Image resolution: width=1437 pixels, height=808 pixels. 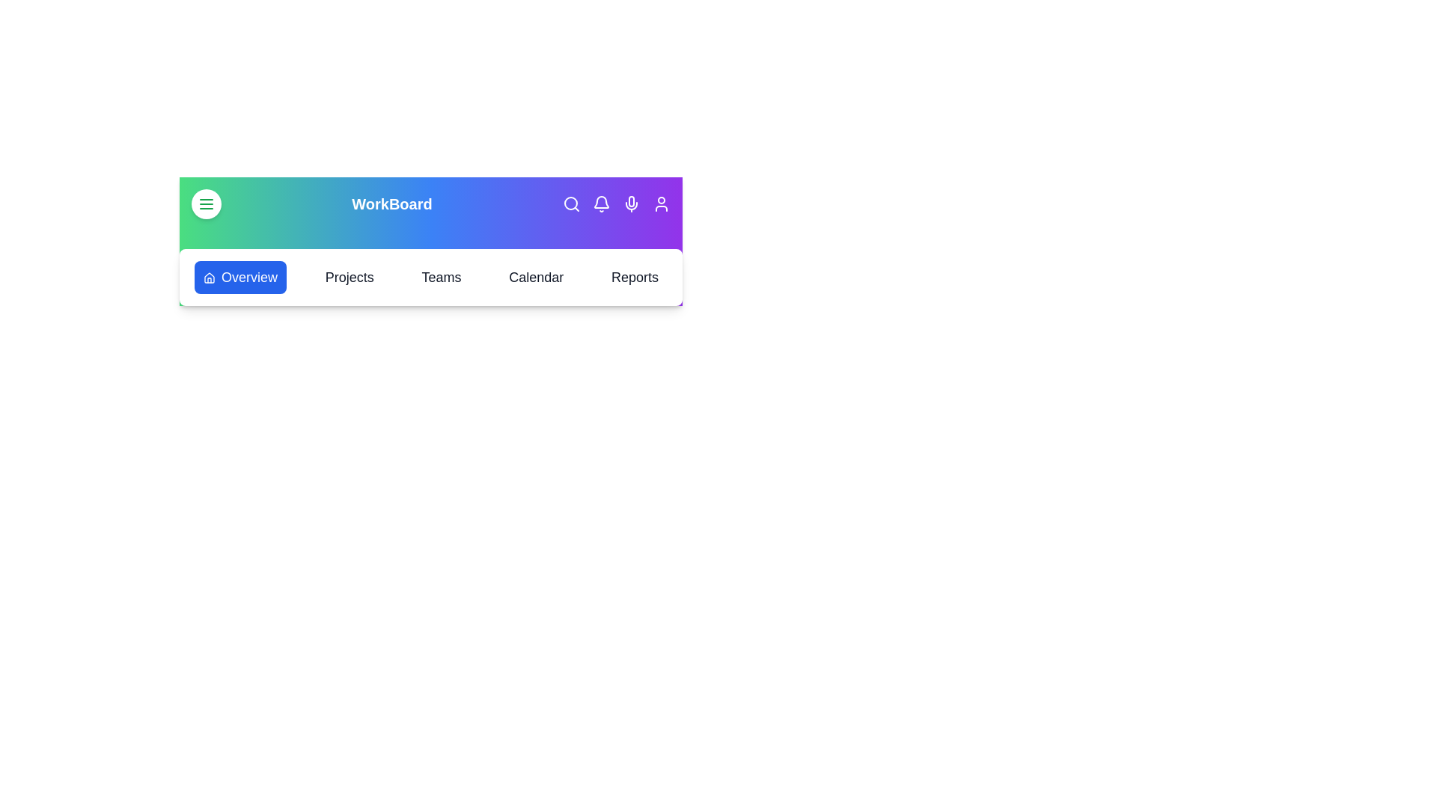 What do you see at coordinates (440, 277) in the screenshot?
I see `the tab labeled Teams from the navigation bar` at bounding box center [440, 277].